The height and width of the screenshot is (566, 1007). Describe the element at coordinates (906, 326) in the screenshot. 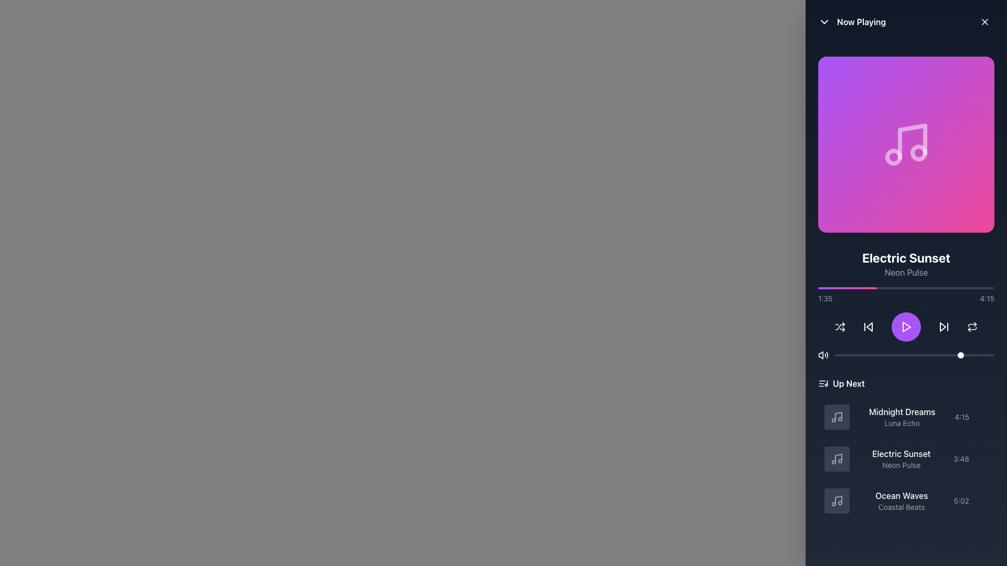

I see `the play button located in the audio control area near the bottom of the right panel to play or pause the current audio track` at that location.